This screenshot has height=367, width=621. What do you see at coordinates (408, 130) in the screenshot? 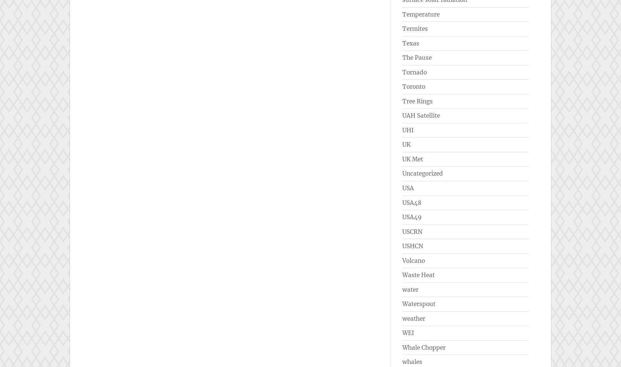
I see `'UHI'` at bounding box center [408, 130].